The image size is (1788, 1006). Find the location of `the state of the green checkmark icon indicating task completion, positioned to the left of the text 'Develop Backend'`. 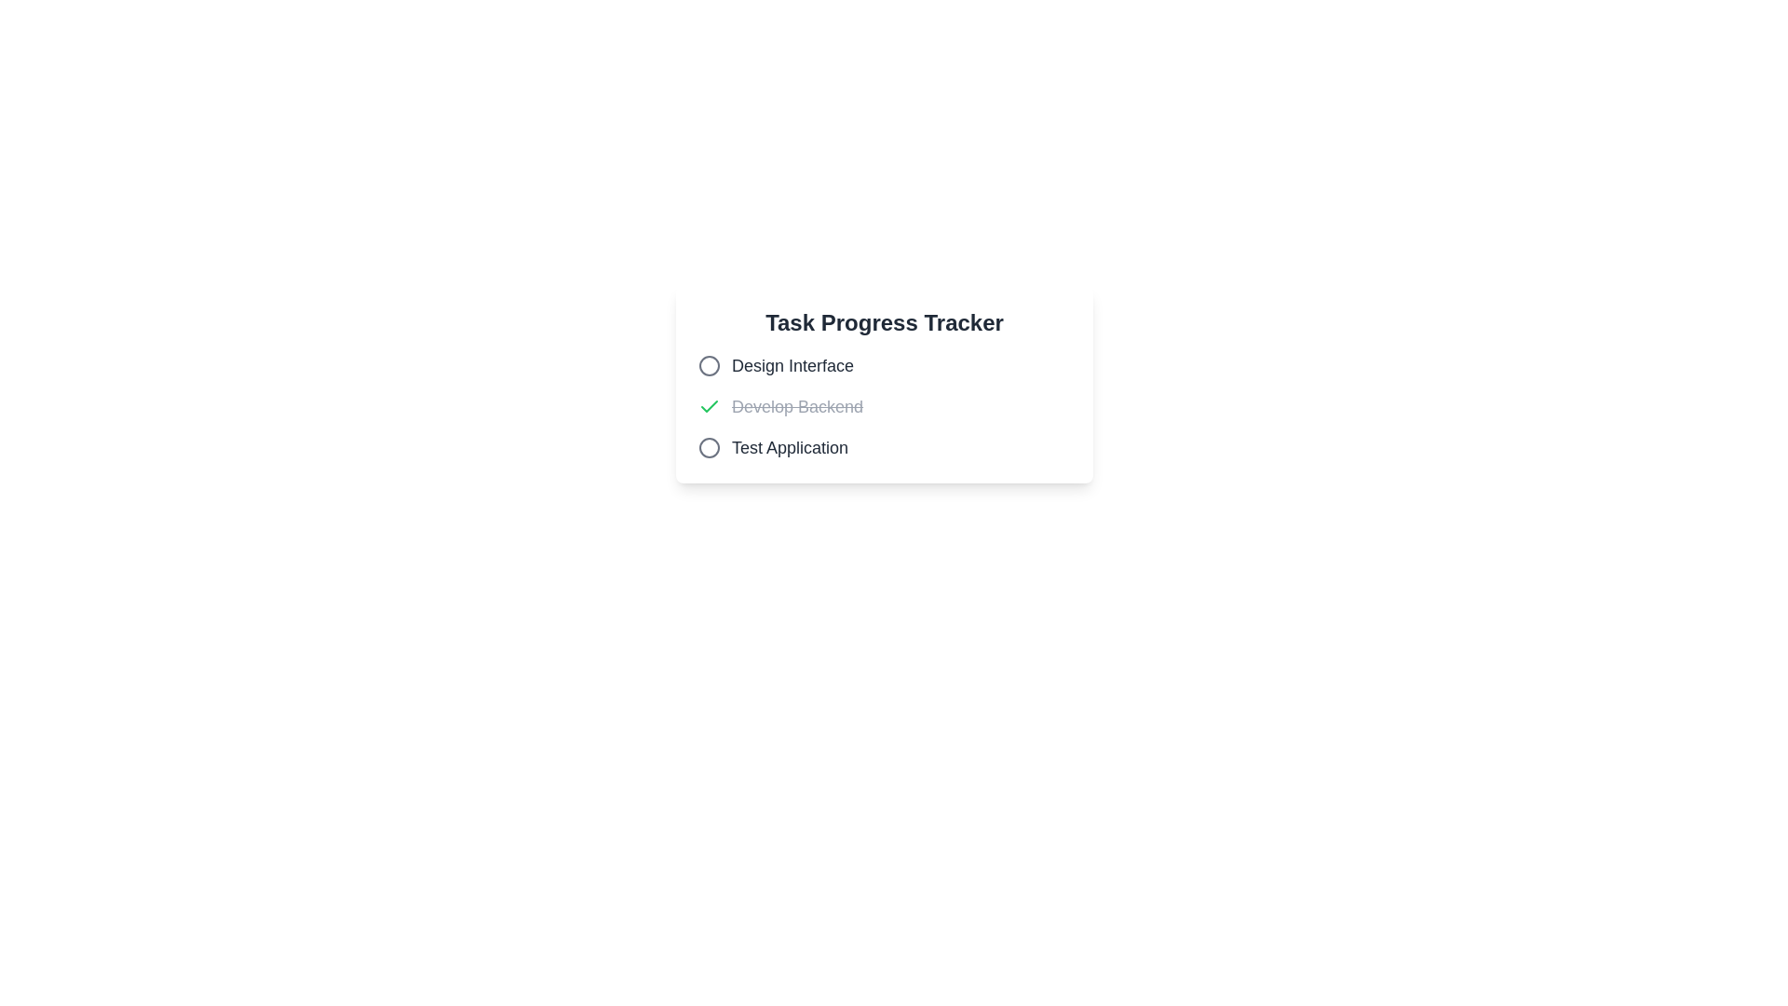

the state of the green checkmark icon indicating task completion, positioned to the left of the text 'Develop Backend' is located at coordinates (709, 405).